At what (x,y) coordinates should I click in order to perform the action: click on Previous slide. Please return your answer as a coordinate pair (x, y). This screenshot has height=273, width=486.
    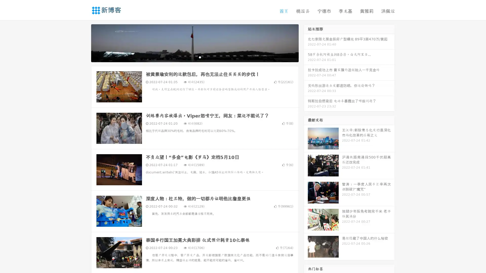
    Looking at the image, I should click on (84, 42).